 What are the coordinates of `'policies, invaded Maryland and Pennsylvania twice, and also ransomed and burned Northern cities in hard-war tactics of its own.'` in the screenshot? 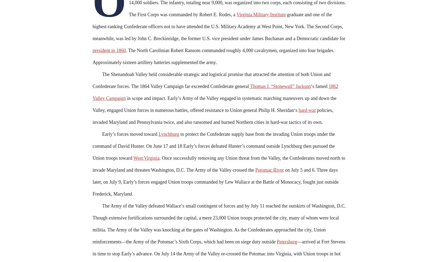 It's located at (212, 116).